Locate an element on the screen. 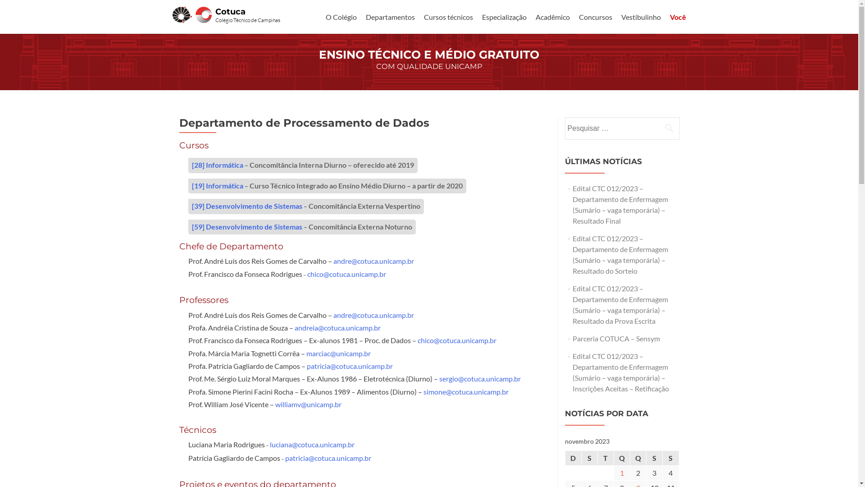 This screenshot has height=487, width=865. 'williamv@unicamp.br' is located at coordinates (274, 404).